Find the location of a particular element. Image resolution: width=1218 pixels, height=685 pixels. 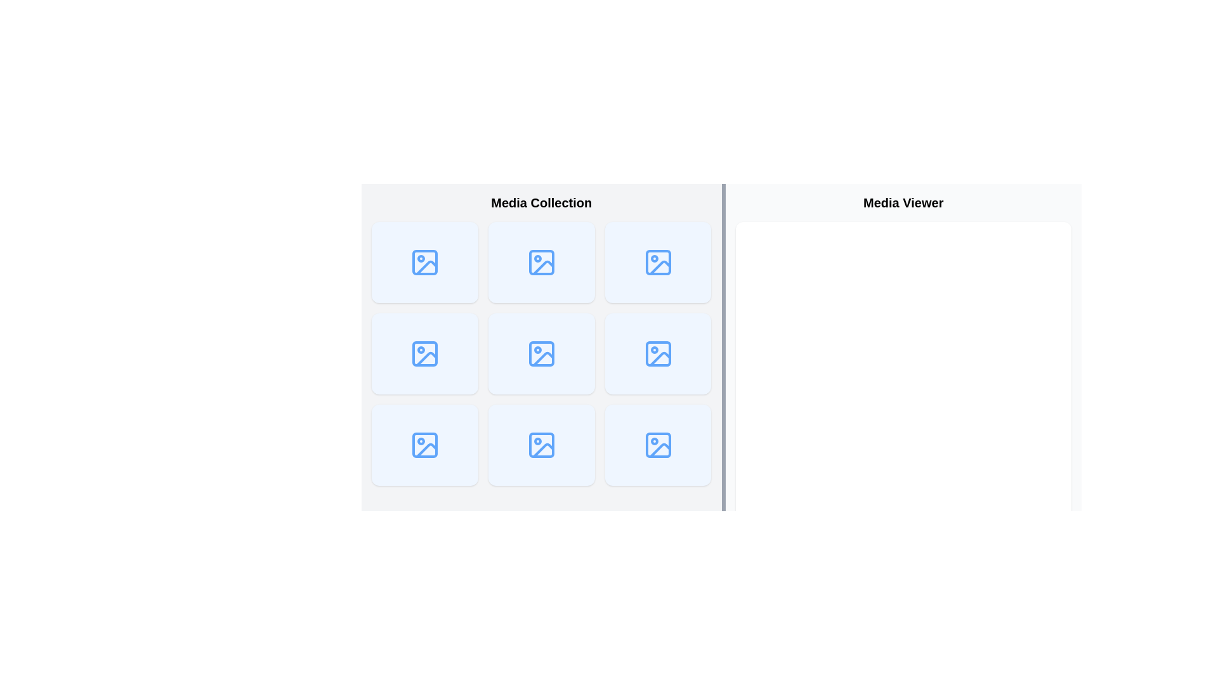

the small rectangular icon part with rounded corners located within the bottom-left image thumbnail in the 'Media Collection' section is located at coordinates (424, 445).